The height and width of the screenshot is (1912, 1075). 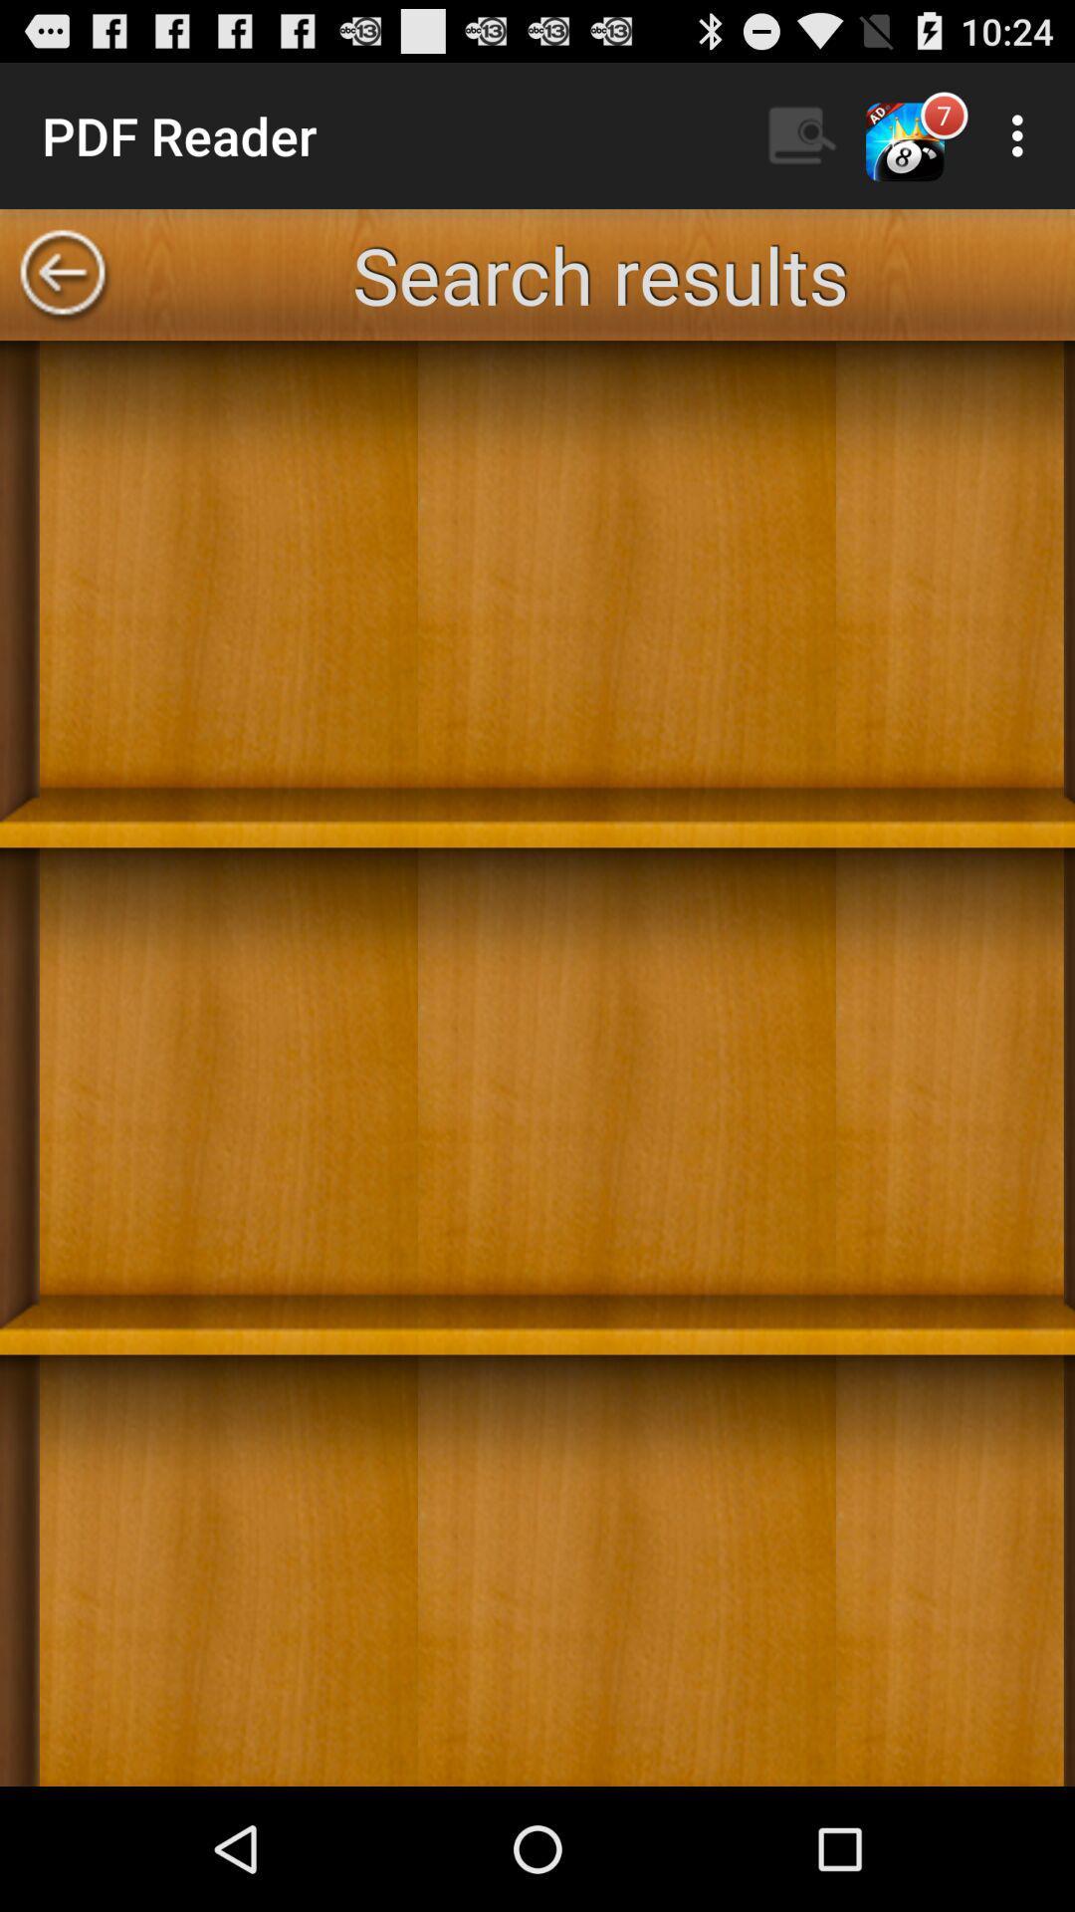 What do you see at coordinates (1022, 134) in the screenshot?
I see `the item next to the 7 item` at bounding box center [1022, 134].